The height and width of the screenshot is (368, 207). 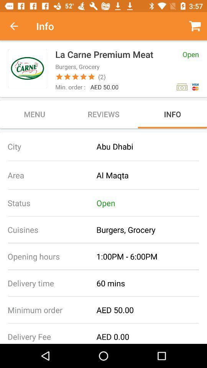 I want to click on previous, so click(x=18, y=26).